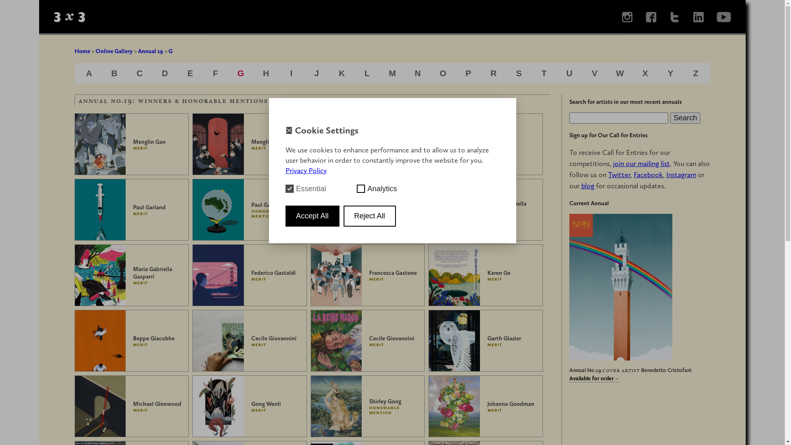  I want to click on 'D', so click(165, 73).